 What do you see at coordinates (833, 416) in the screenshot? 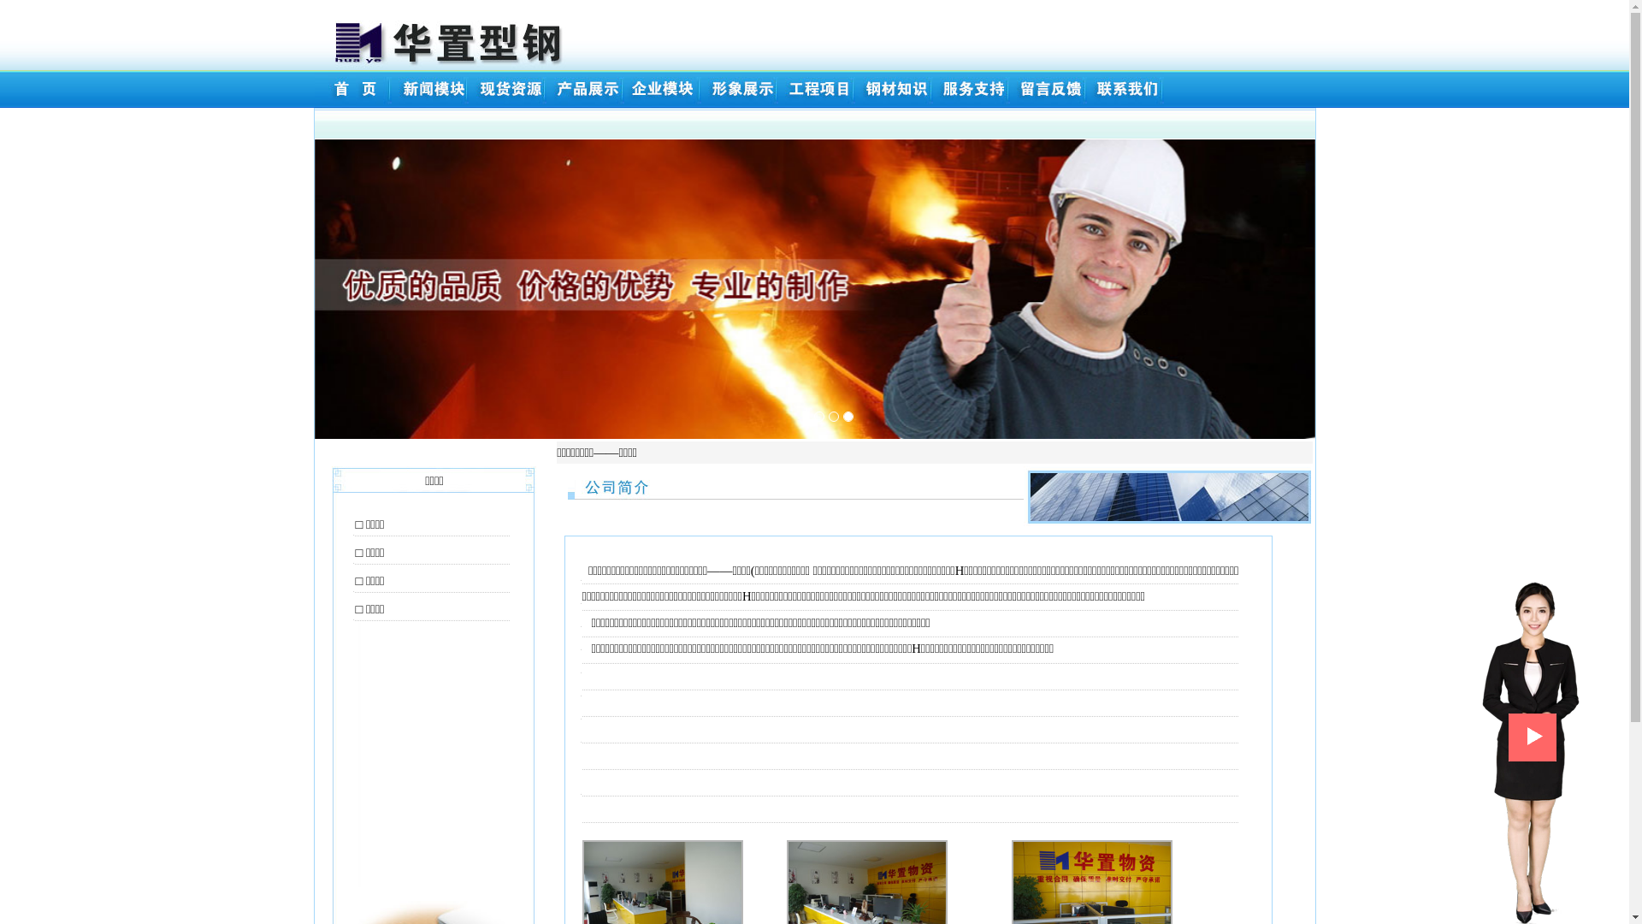
I see `'2'` at bounding box center [833, 416].